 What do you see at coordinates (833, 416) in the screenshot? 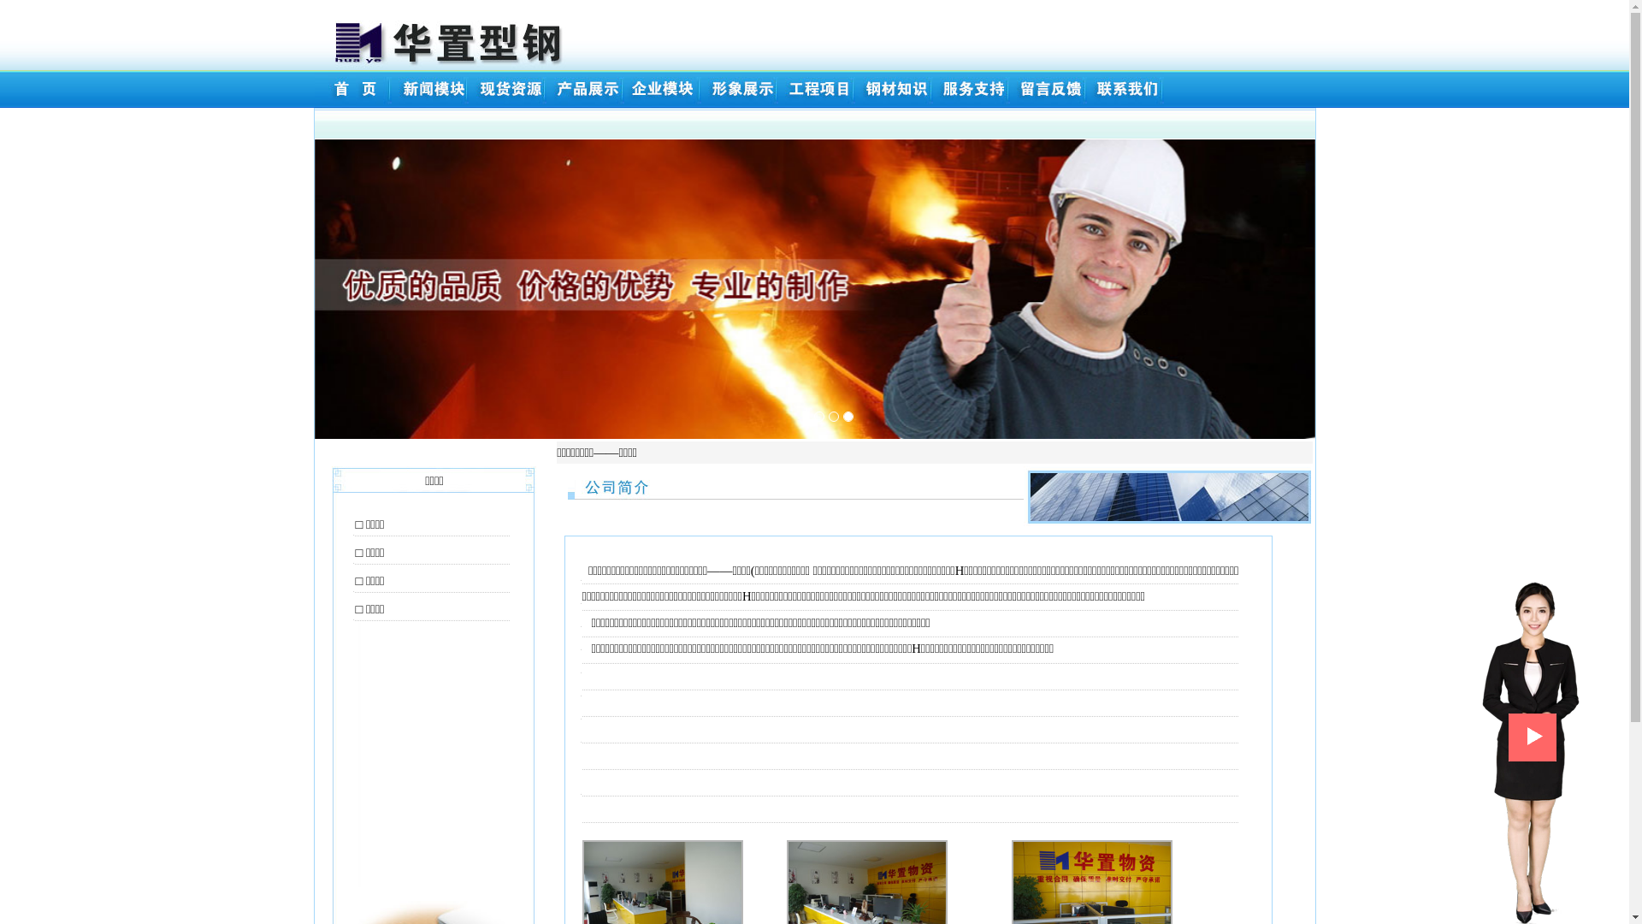
I see `'2'` at bounding box center [833, 416].